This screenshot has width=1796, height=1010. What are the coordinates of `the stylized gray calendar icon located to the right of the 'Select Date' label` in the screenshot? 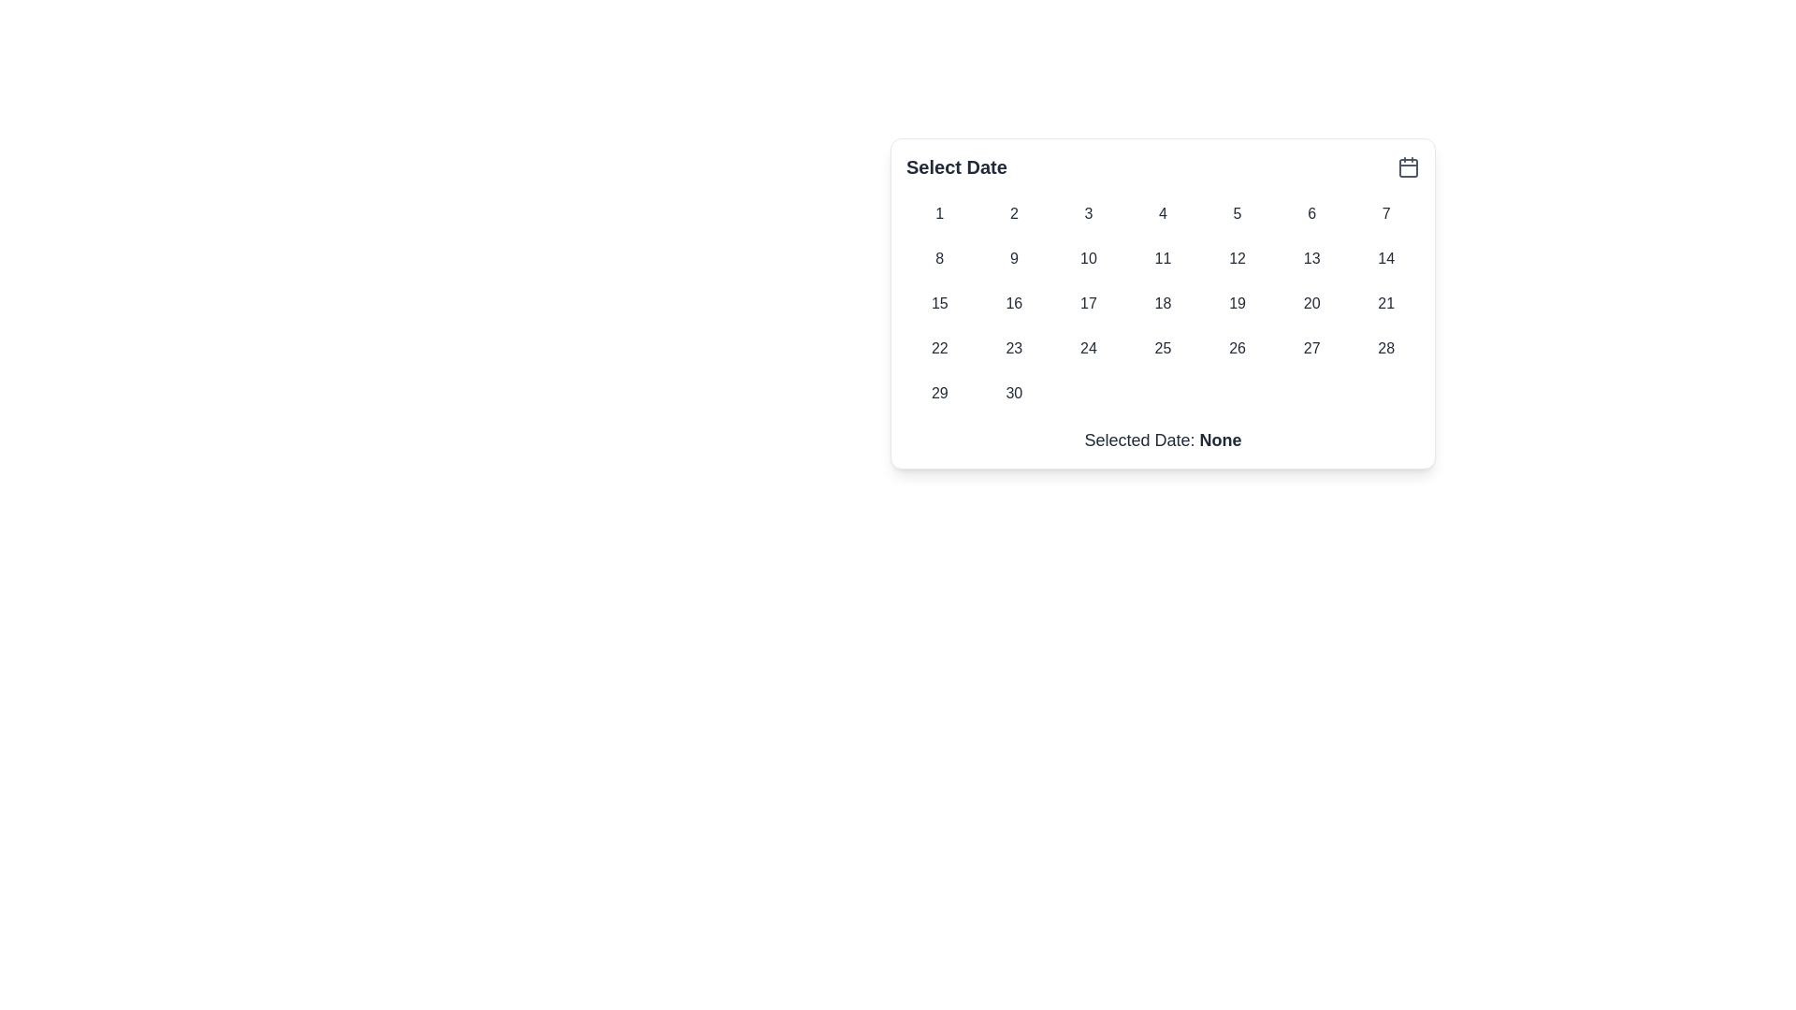 It's located at (1409, 166).